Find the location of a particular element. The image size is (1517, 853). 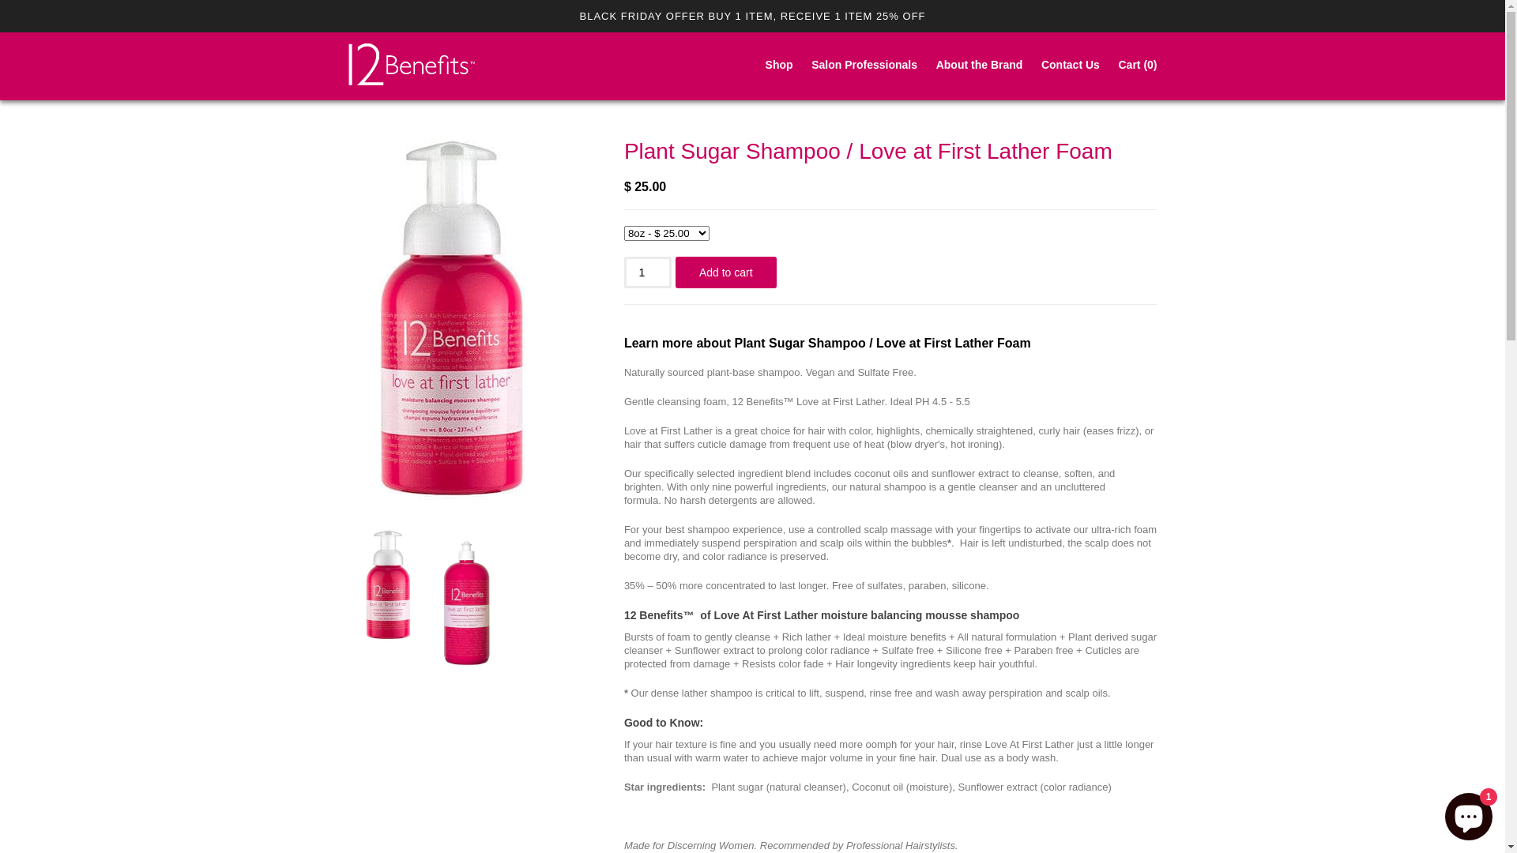

'12benefits' is located at coordinates (410, 66).